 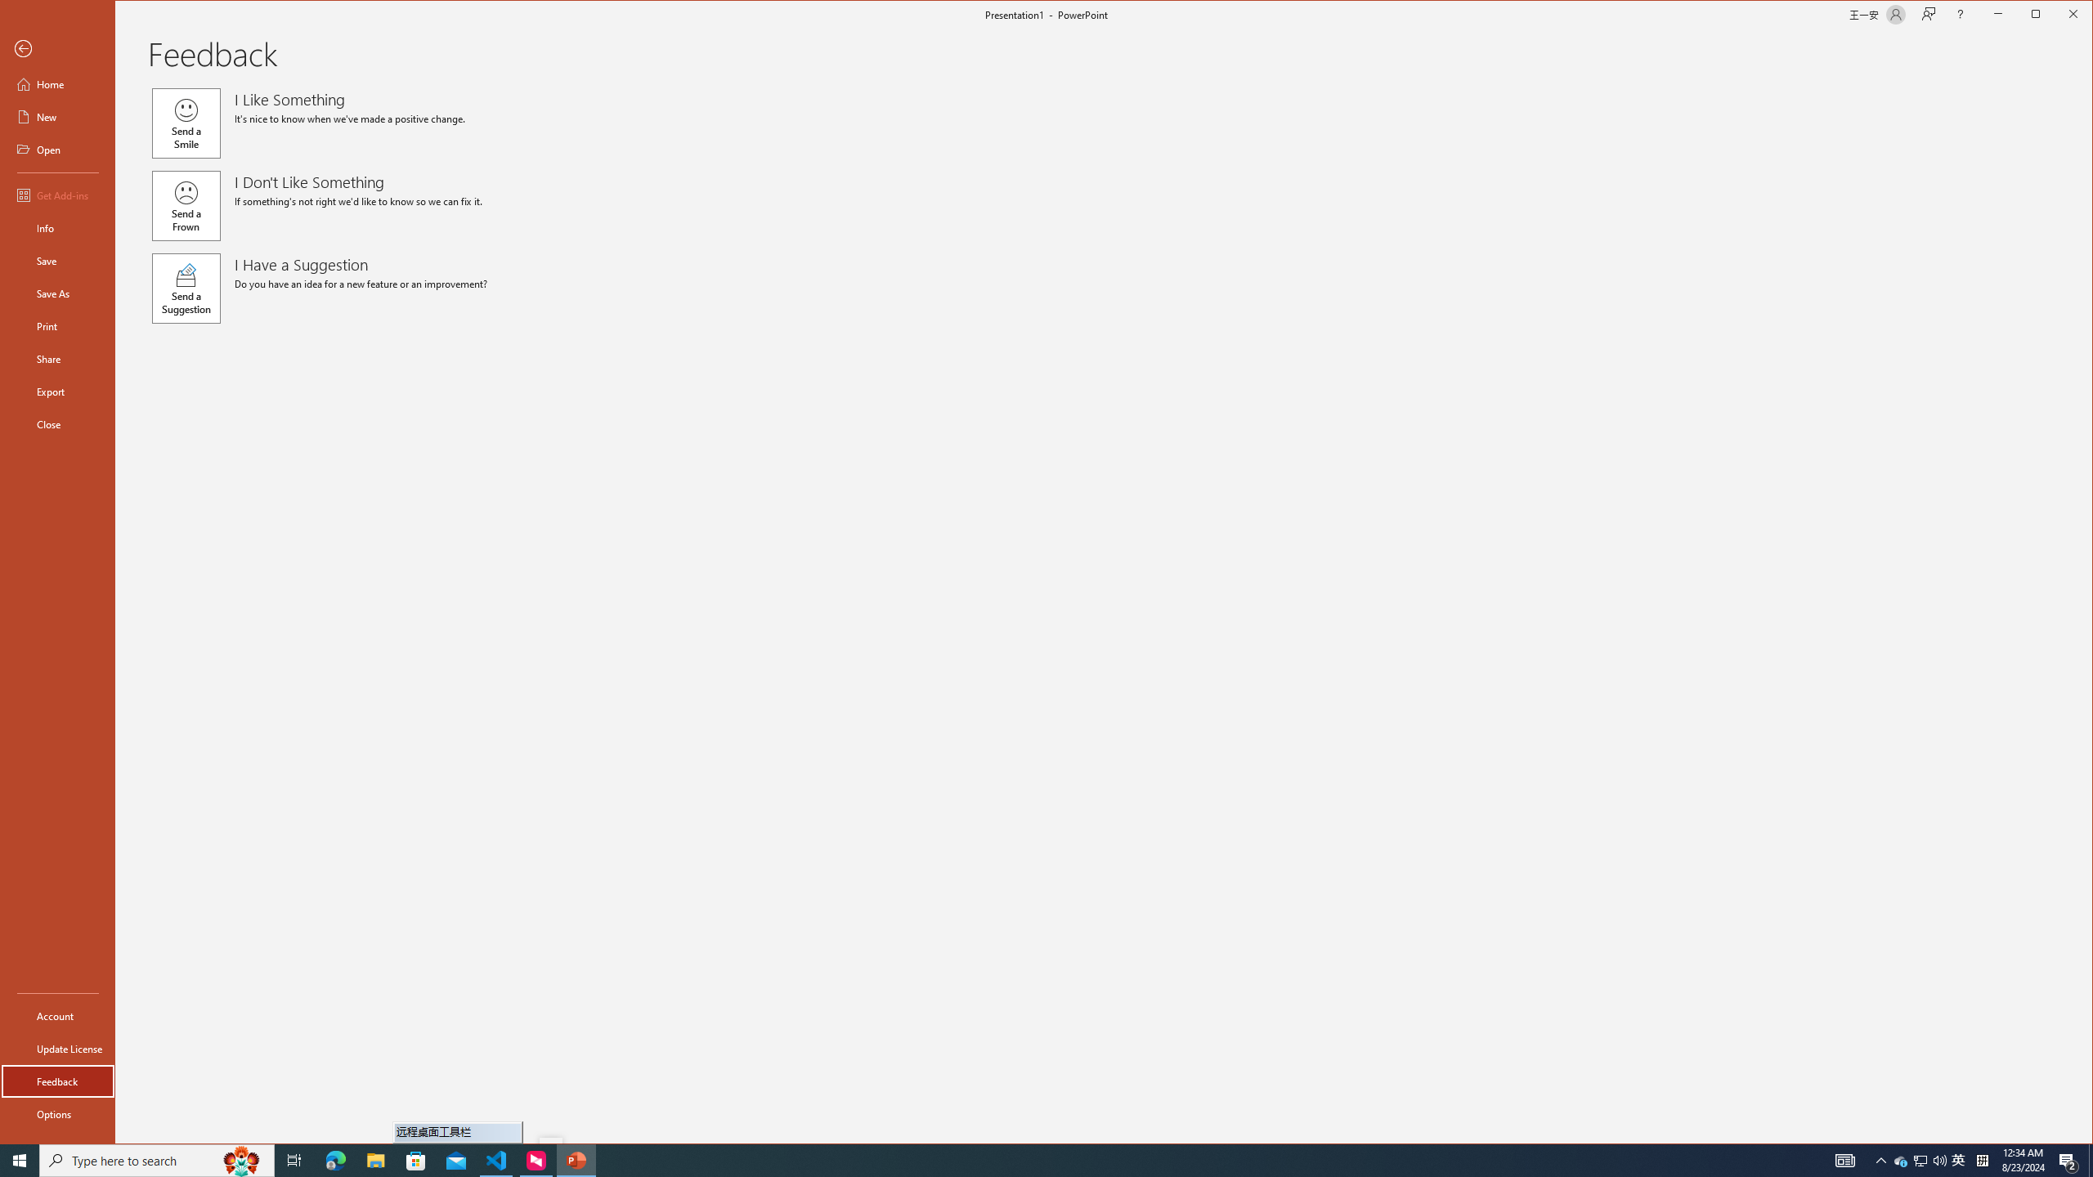 What do you see at coordinates (1920, 1159) in the screenshot?
I see `'User Promoted Notification Area'` at bounding box center [1920, 1159].